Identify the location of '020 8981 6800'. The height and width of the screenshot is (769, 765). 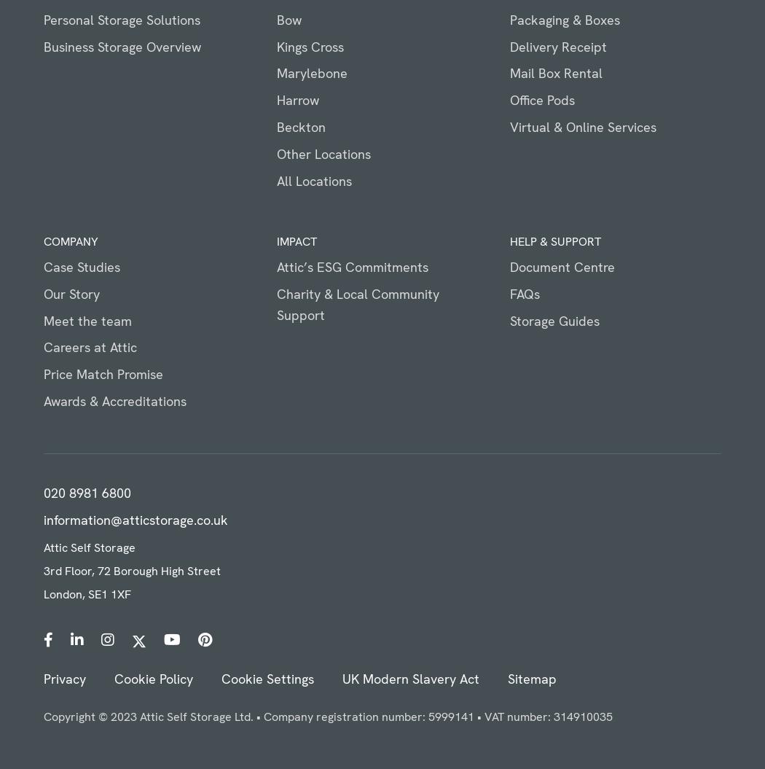
(87, 491).